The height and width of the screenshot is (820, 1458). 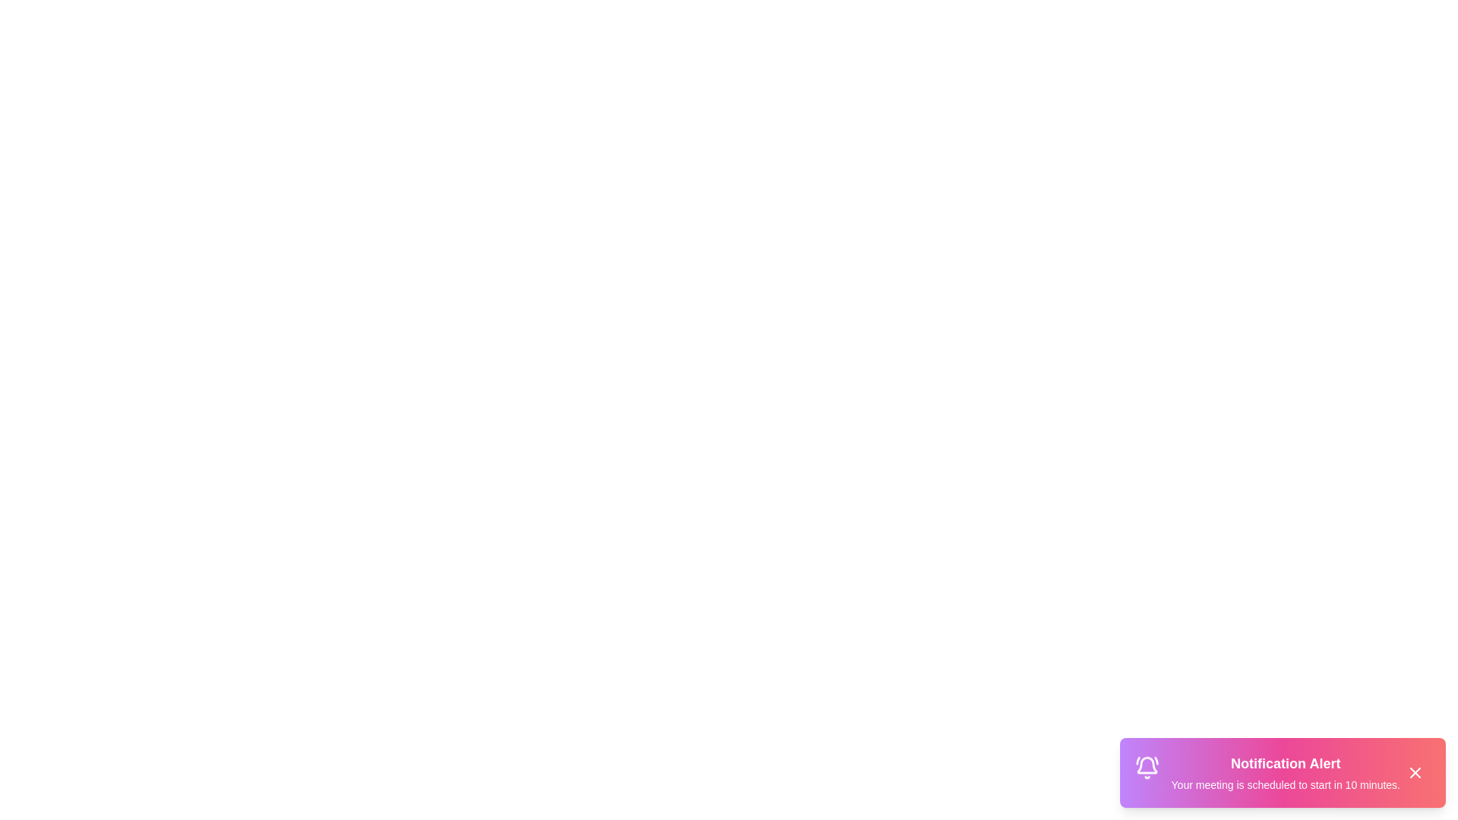 What do you see at coordinates (1147, 770) in the screenshot?
I see `the notification icon to interact with it` at bounding box center [1147, 770].